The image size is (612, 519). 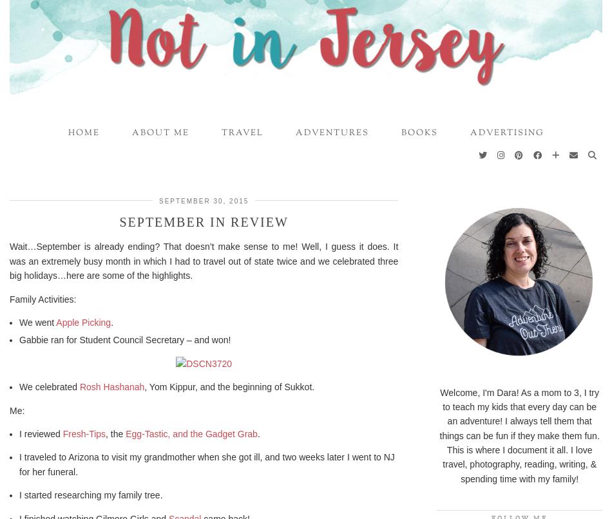 I want to click on 'books', so click(x=419, y=132).